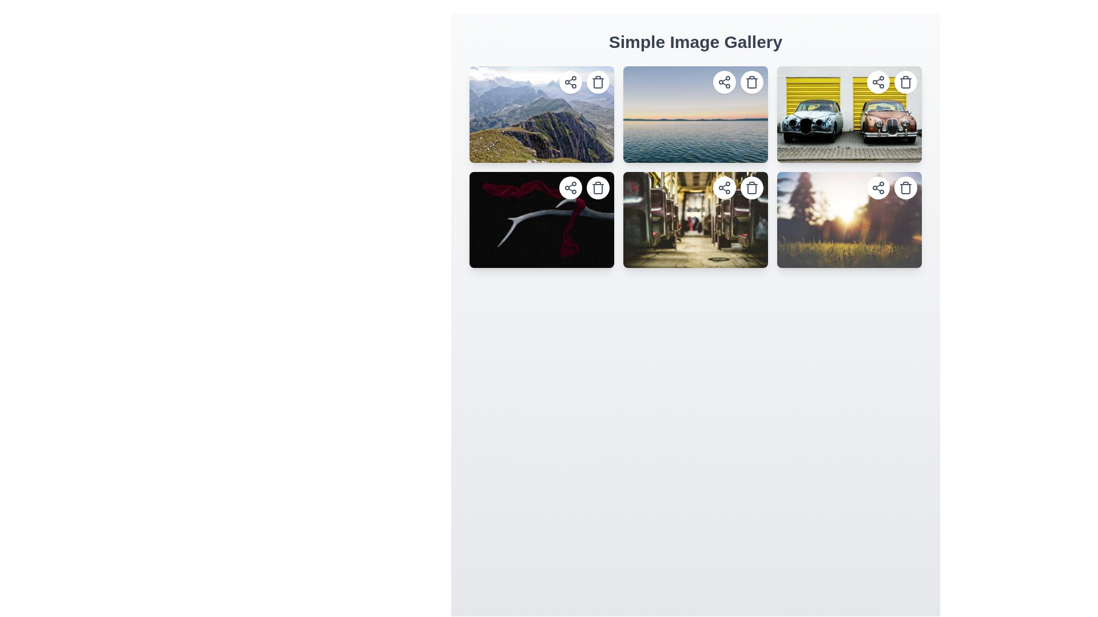  I want to click on the circular button with a white background and a share icon (three connected dots) located, so click(724, 186).